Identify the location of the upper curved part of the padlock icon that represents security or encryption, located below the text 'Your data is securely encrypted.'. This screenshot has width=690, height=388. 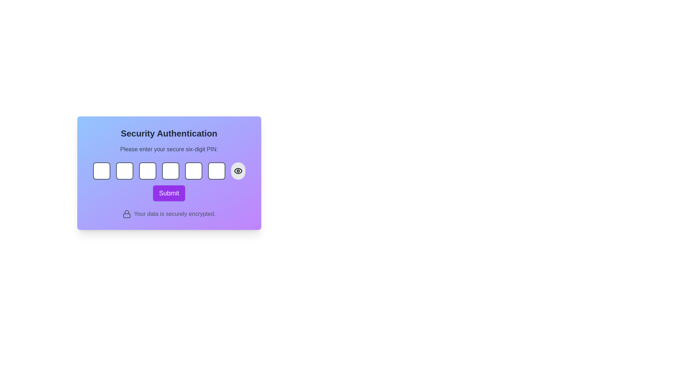
(126, 212).